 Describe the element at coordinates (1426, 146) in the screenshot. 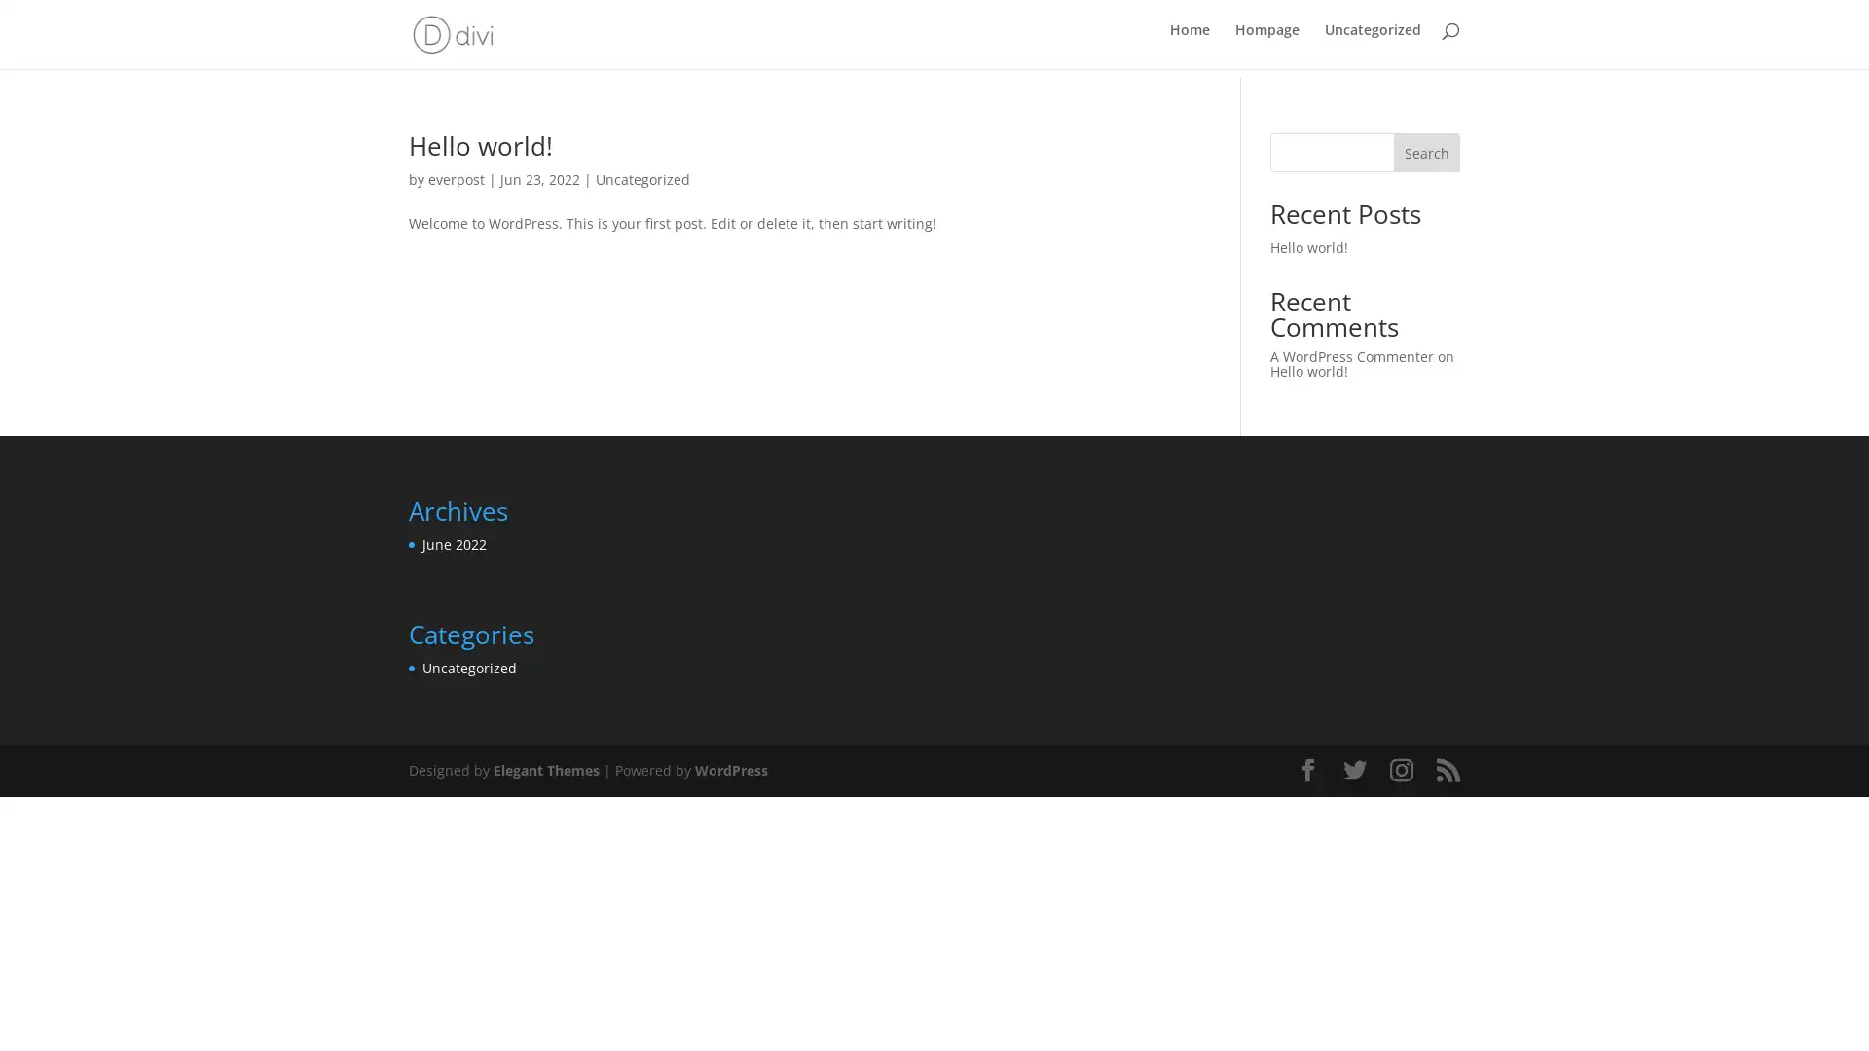

I see `Search` at that location.